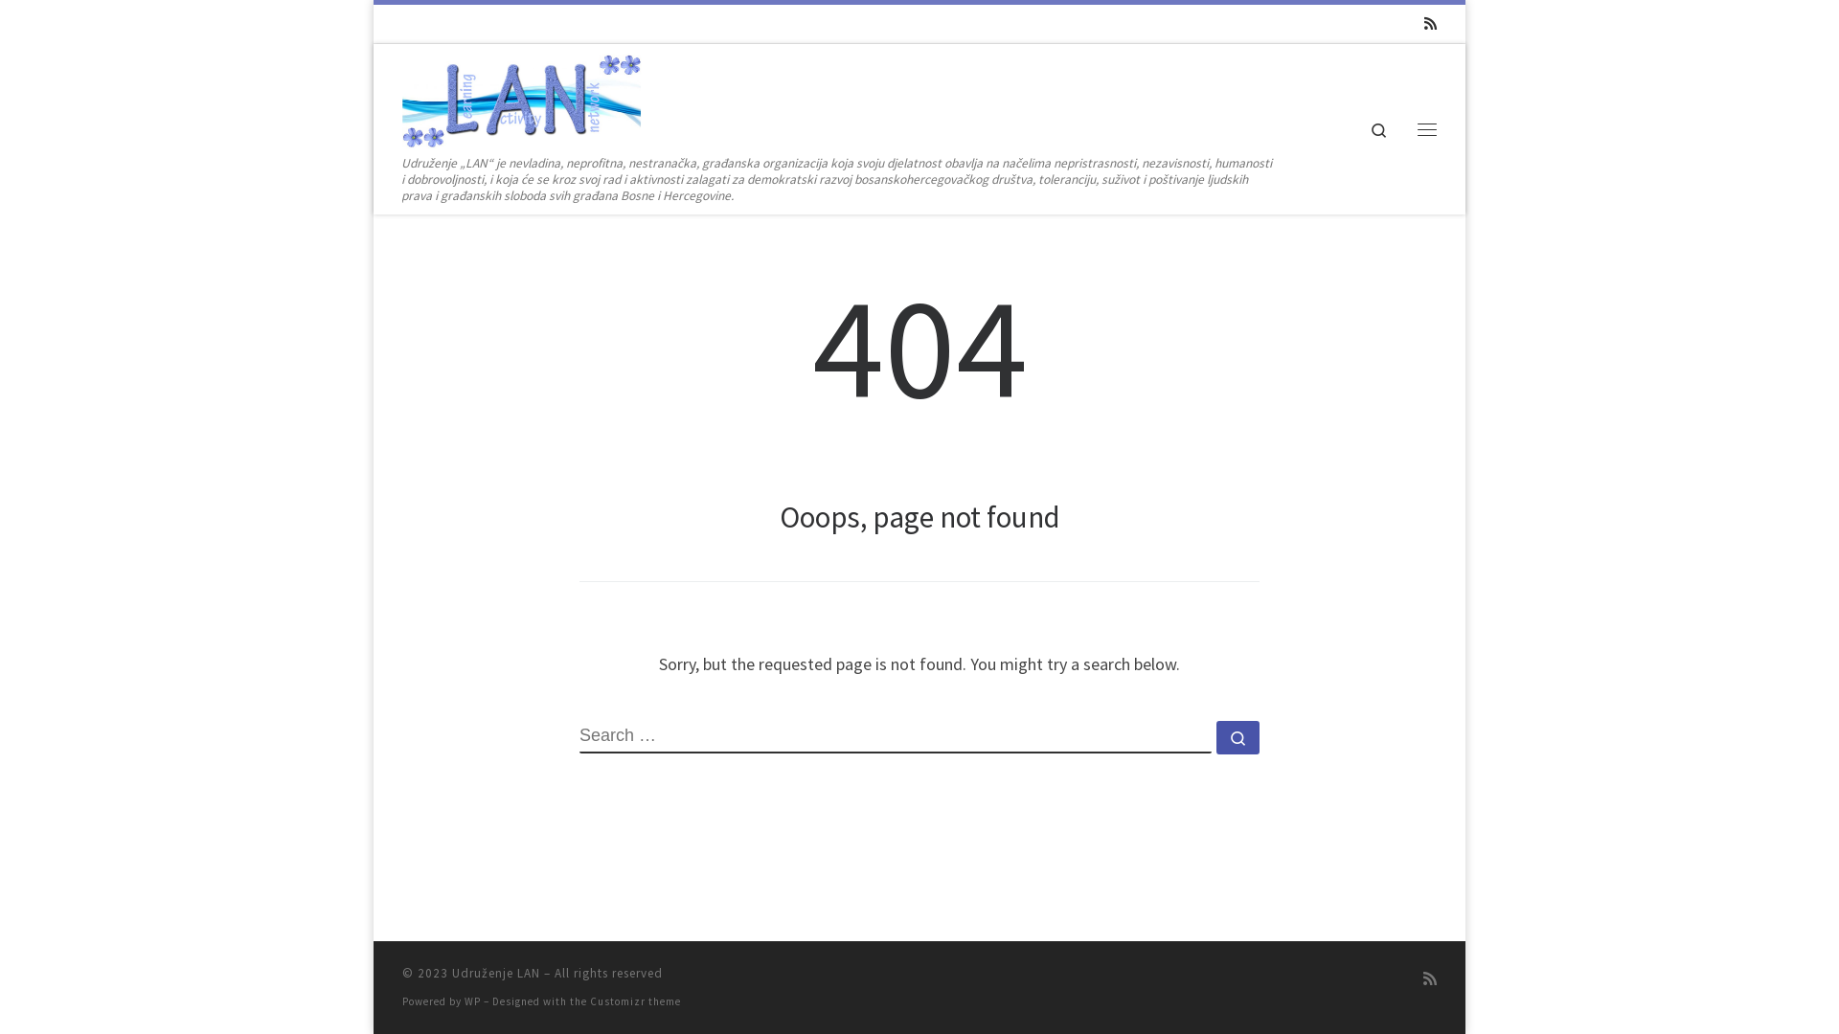 The height and width of the screenshot is (1034, 1839). What do you see at coordinates (472, 1000) in the screenshot?
I see `'WP'` at bounding box center [472, 1000].